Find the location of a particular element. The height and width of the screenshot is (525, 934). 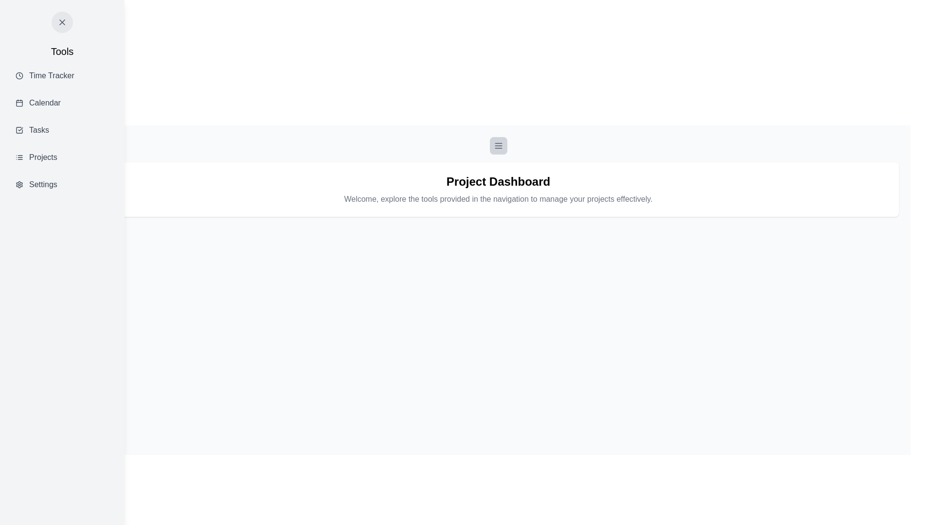

the text paragraph that says 'Welcome, explore the tools provided in the navigation to manage your projects effectively.' located under the 'Project Dashboard' title is located at coordinates (498, 198).